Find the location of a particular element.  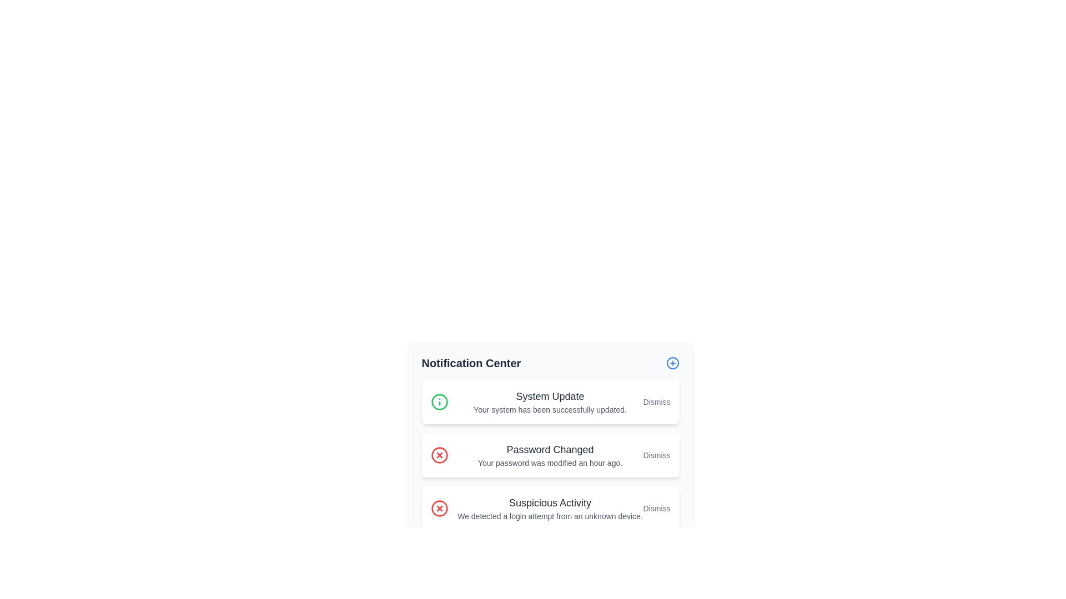

details of the 'Password Changed' notification, which includes the title in bold and a description about the password modification, located in the Notification Center is located at coordinates (550, 455).